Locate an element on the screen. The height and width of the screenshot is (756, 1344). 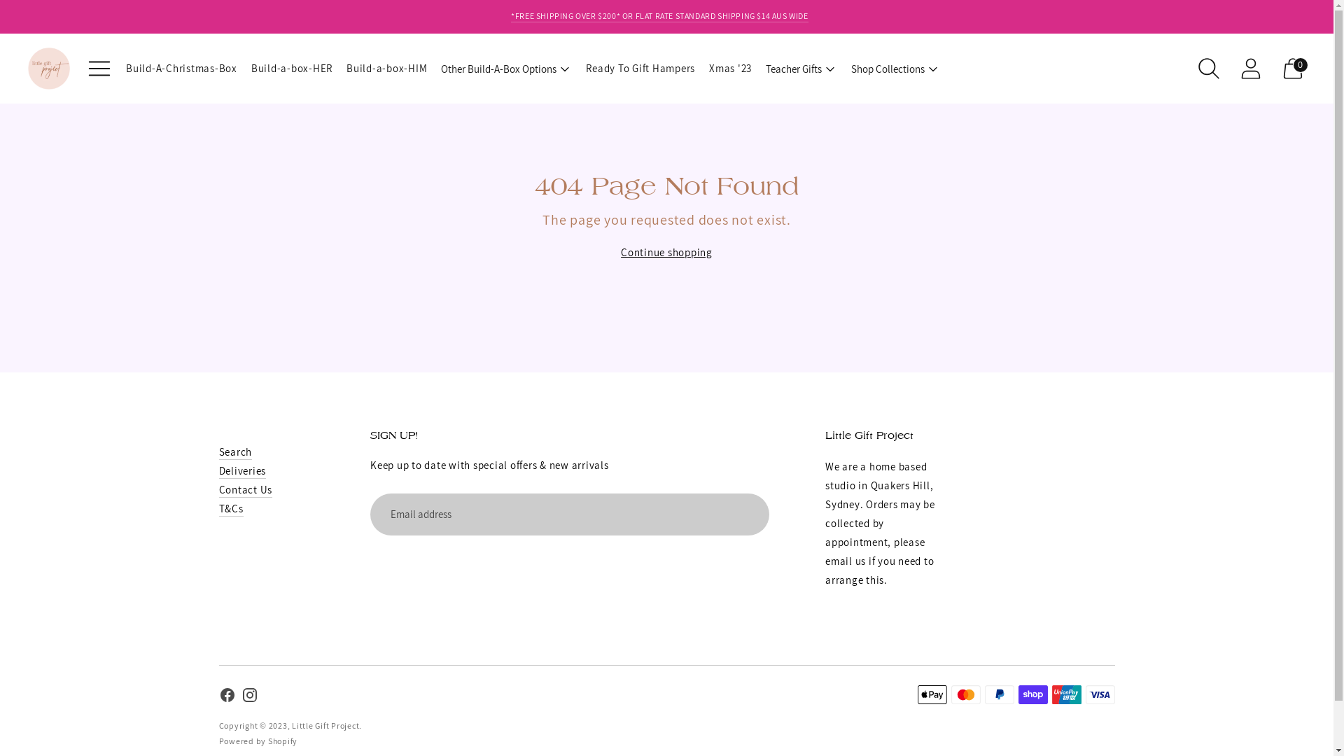
'Teacher Gifts' is located at coordinates (801, 68).